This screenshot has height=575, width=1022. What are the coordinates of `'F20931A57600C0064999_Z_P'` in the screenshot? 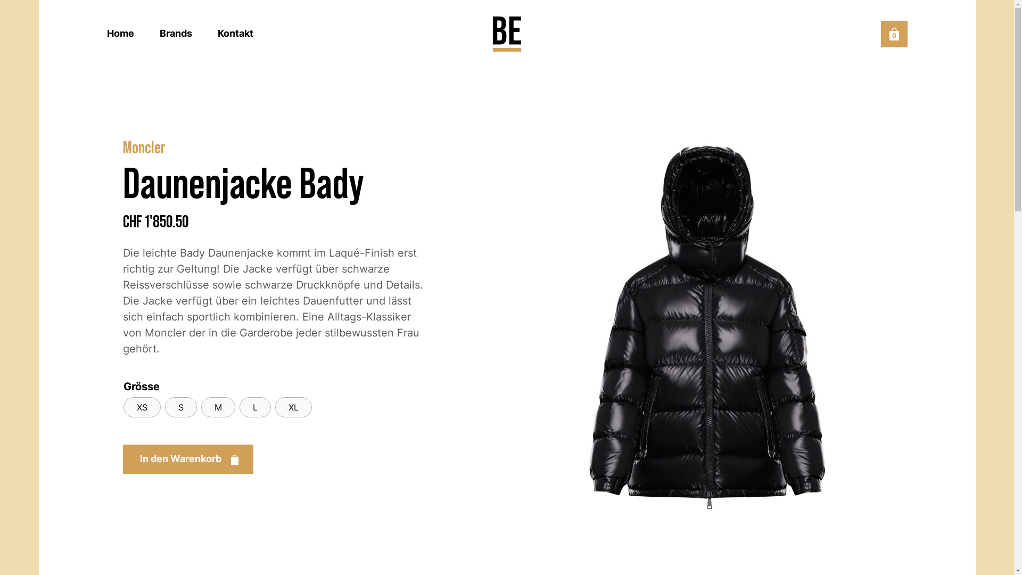 It's located at (707, 321).